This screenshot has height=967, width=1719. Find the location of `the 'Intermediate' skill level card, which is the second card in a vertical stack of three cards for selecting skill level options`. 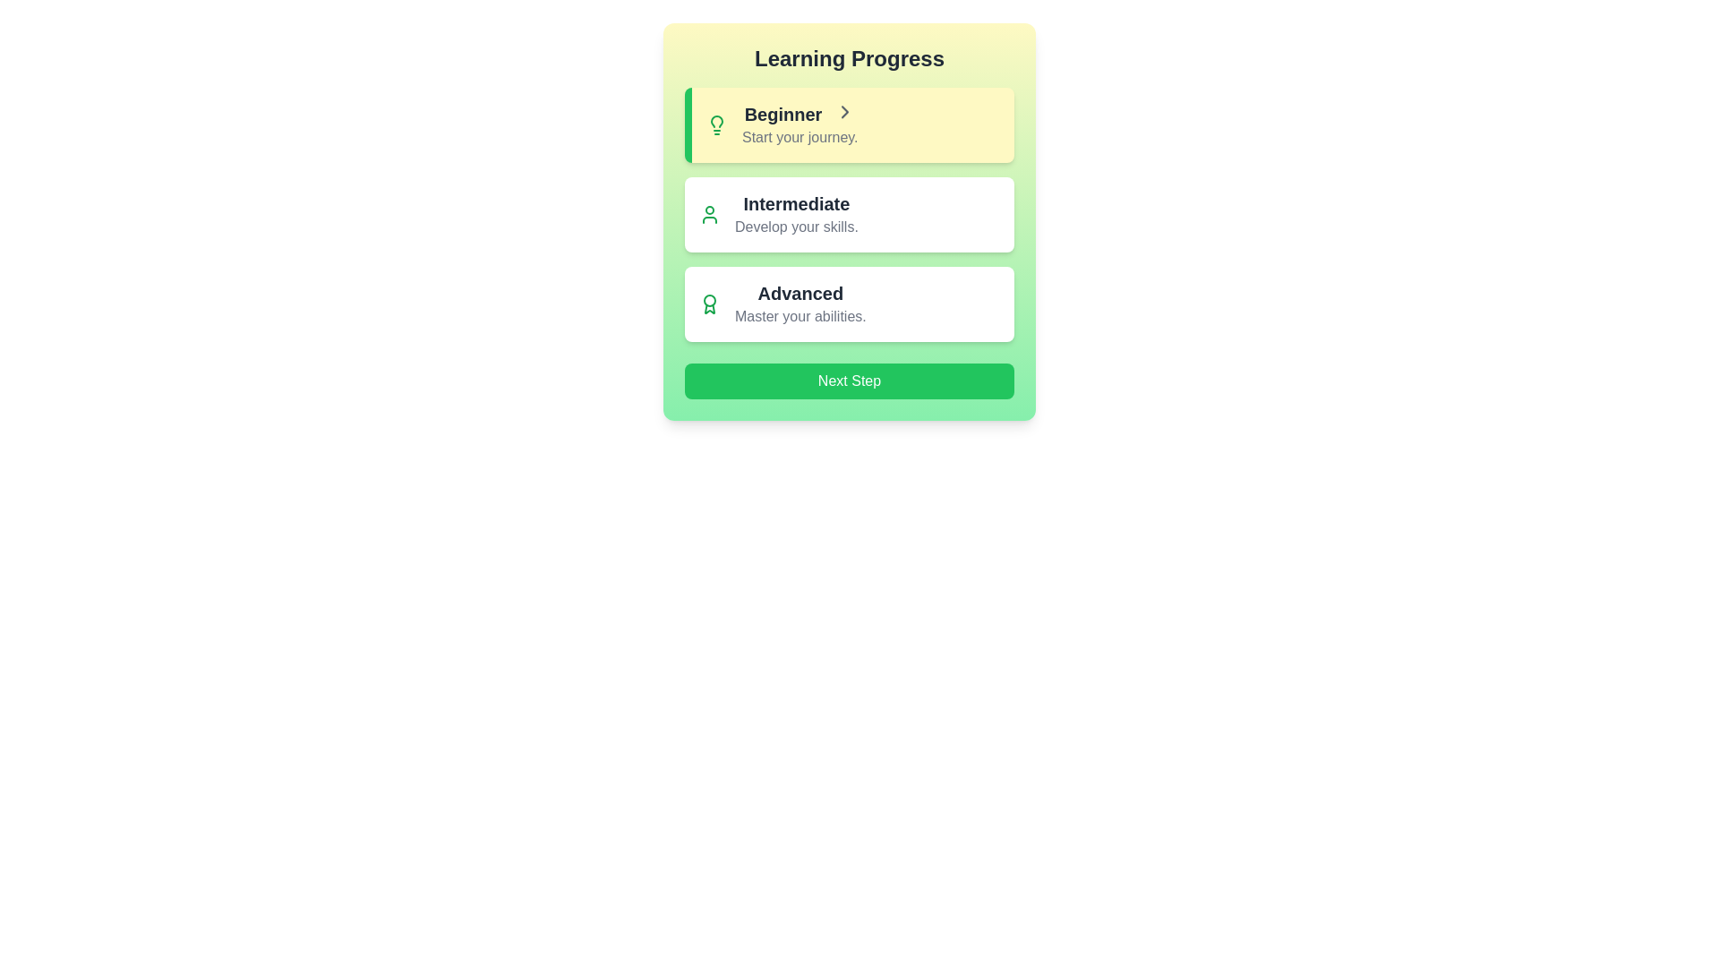

the 'Intermediate' skill level card, which is the second card in a vertical stack of three cards for selecting skill level options is located at coordinates (849, 213).